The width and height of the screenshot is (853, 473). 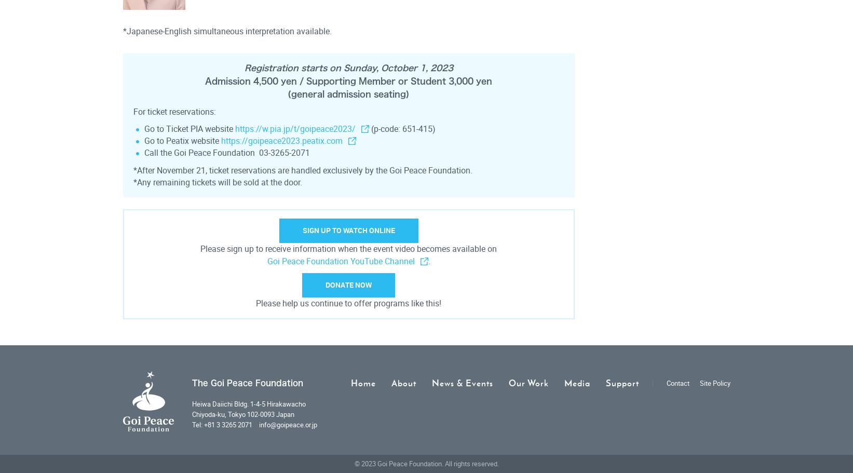 What do you see at coordinates (678, 382) in the screenshot?
I see `'Contact'` at bounding box center [678, 382].